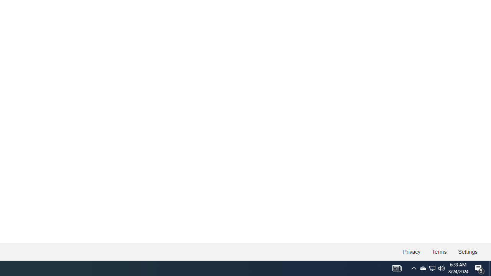 The height and width of the screenshot is (276, 491). What do you see at coordinates (467, 252) in the screenshot?
I see `'Settings'` at bounding box center [467, 252].